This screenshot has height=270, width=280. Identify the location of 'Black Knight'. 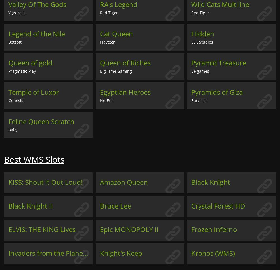
(211, 181).